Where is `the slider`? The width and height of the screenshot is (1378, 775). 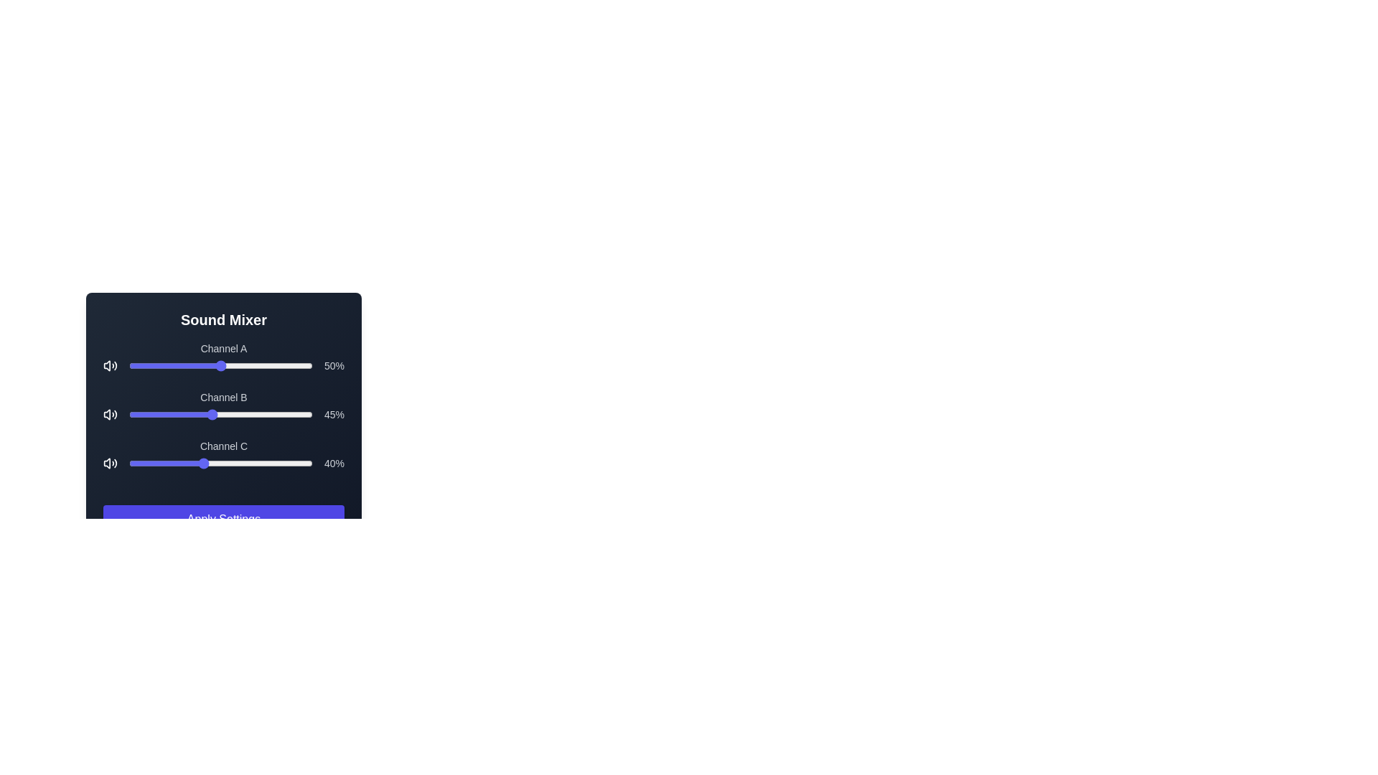
the slider is located at coordinates (169, 463).